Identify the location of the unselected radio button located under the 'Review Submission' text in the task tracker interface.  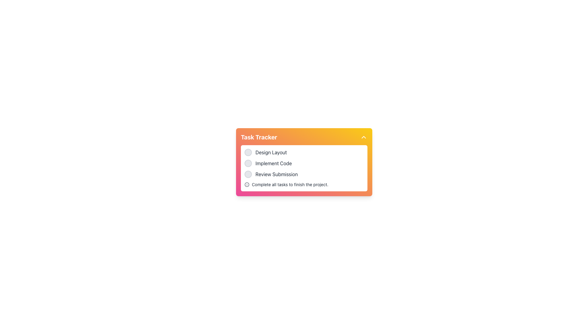
(248, 174).